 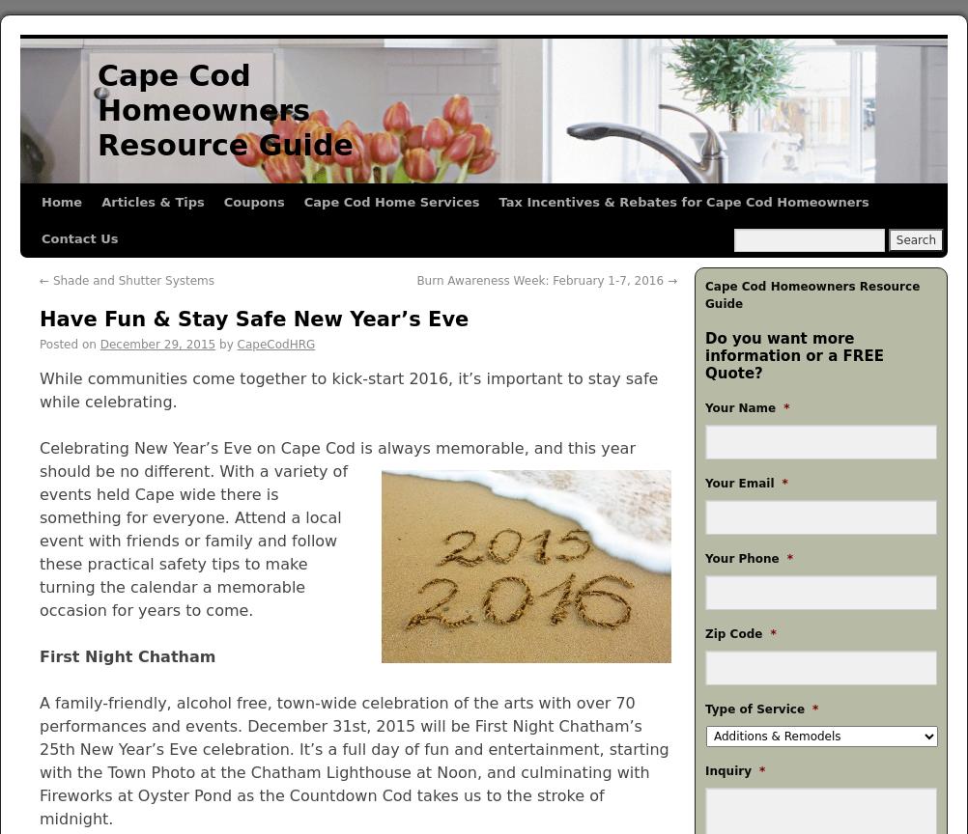 I want to click on 'Type of Service', so click(x=754, y=709).